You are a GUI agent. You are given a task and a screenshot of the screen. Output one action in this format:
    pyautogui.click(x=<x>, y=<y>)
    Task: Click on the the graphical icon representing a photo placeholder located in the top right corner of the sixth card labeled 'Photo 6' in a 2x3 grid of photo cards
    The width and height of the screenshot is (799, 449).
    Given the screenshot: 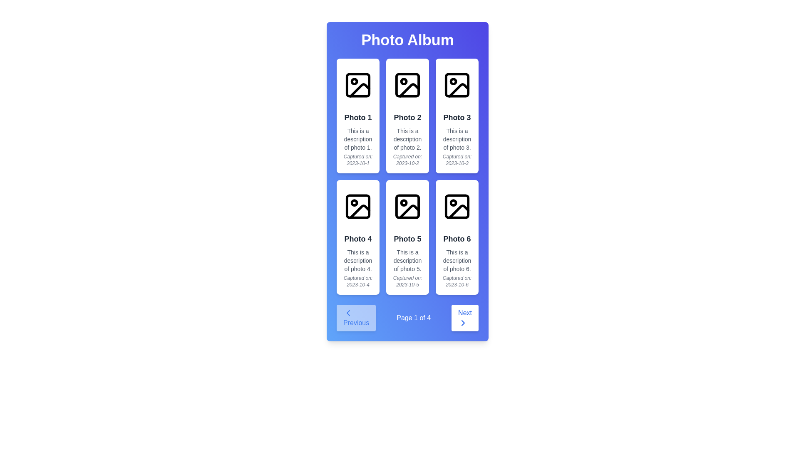 What is the action you would take?
    pyautogui.click(x=457, y=206)
    